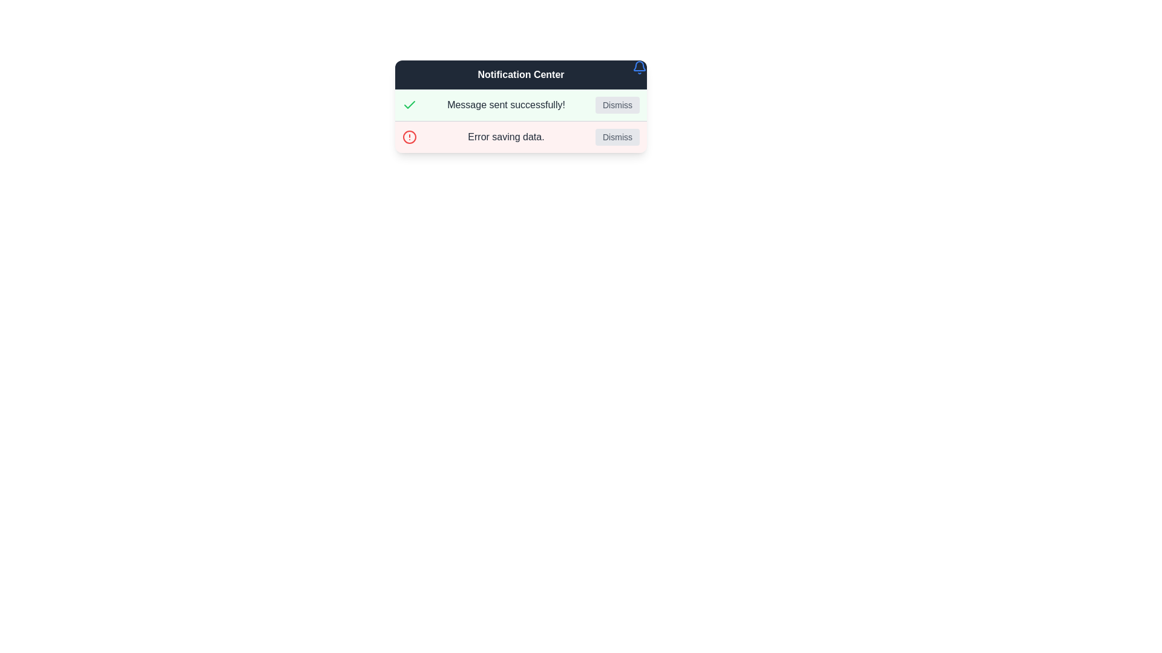 This screenshot has width=1162, height=653. What do you see at coordinates (638, 66) in the screenshot?
I see `the bell-shaped outline in the top-right corner of the Notification Center card, which signifies notifications` at bounding box center [638, 66].